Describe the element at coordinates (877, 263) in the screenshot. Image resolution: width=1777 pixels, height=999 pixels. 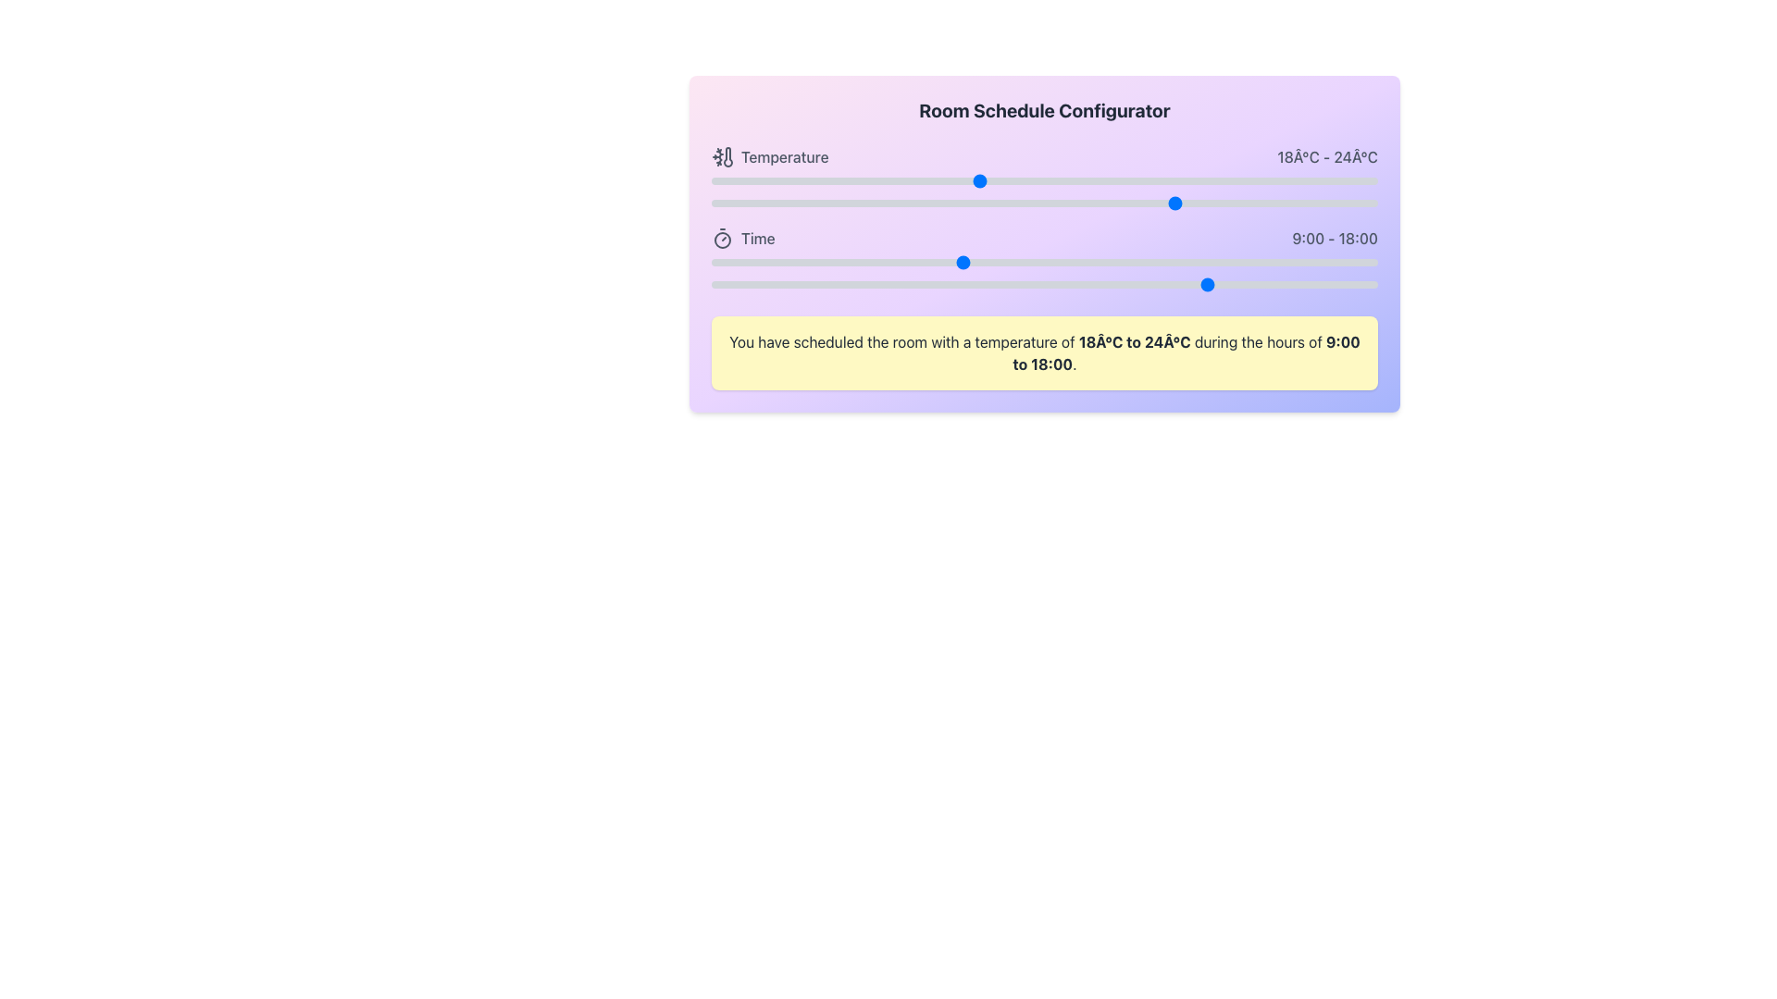
I see `the time` at that location.